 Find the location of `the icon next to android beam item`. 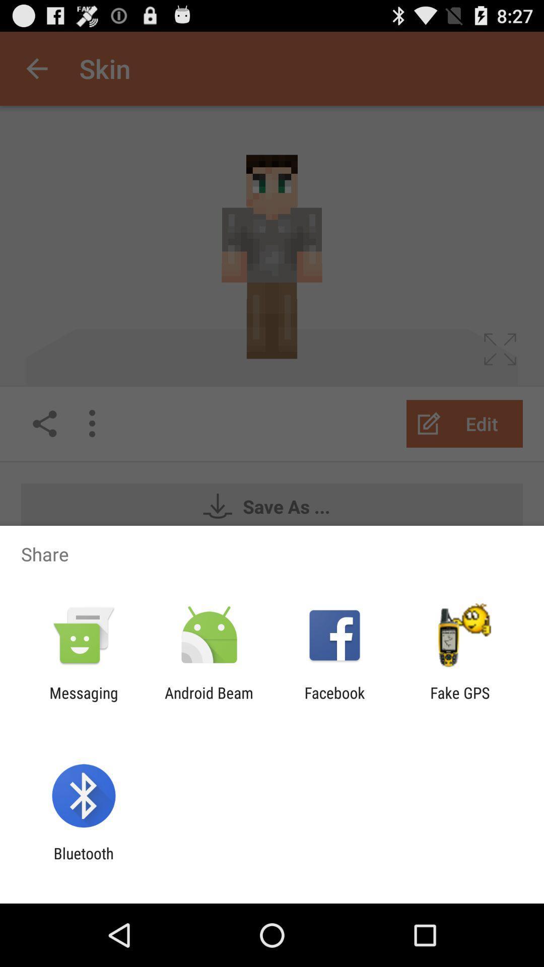

the icon next to android beam item is located at coordinates (334, 701).